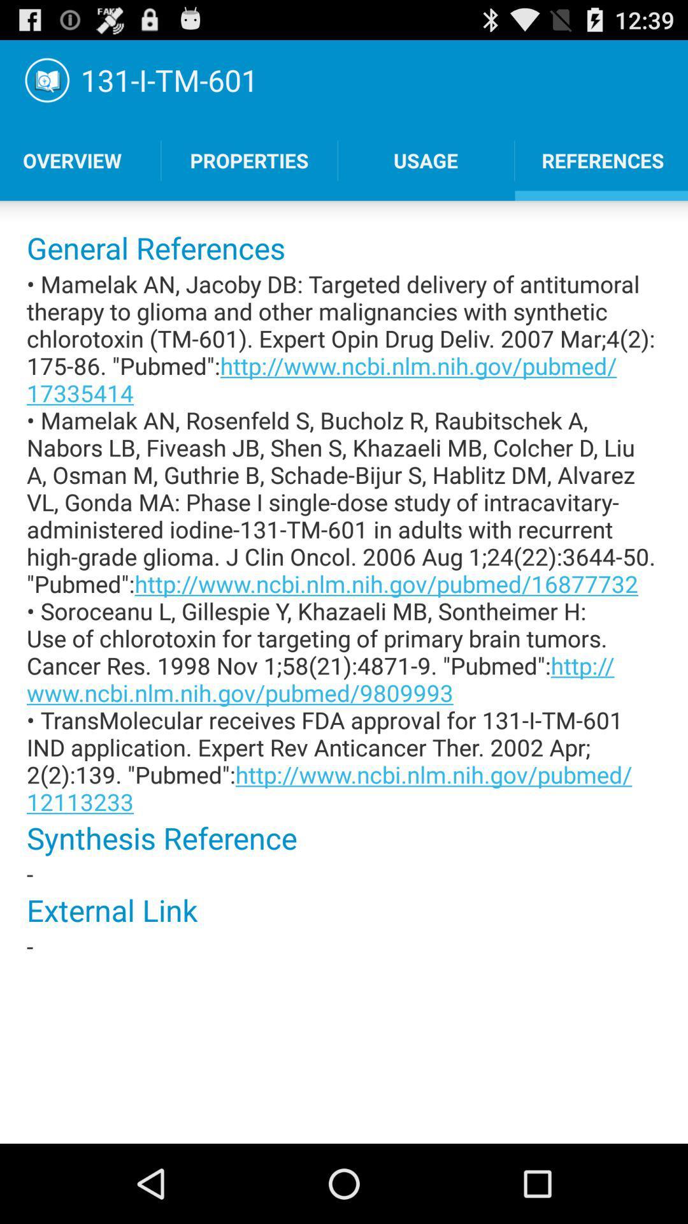 The width and height of the screenshot is (688, 1224). I want to click on the icon which is at the top left of the page, so click(46, 79).